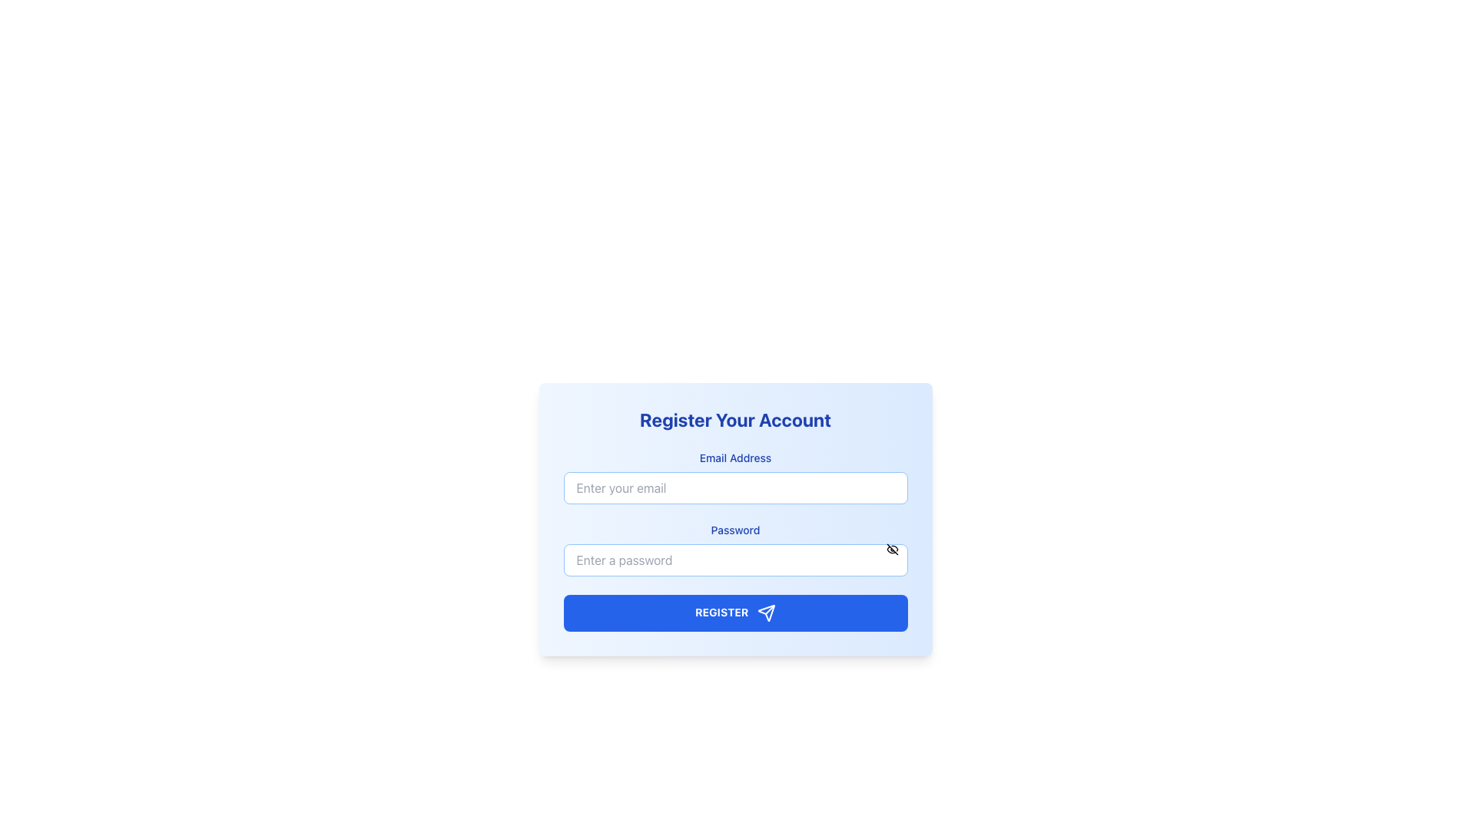 The height and width of the screenshot is (829, 1475). Describe the element at coordinates (734, 549) in the screenshot. I see `the password input field with visibility toggle button located in the central region of the form card, positioned below the 'Email Address' field and above the 'Register' button` at that location.